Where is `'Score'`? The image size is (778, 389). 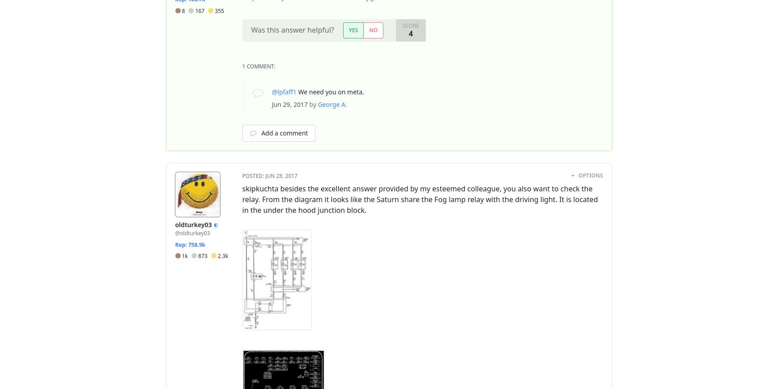
'Score' is located at coordinates (402, 25).